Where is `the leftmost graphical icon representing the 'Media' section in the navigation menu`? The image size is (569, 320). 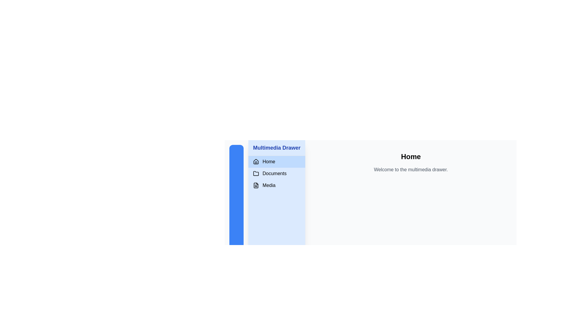
the leftmost graphical icon representing the 'Media' section in the navigation menu is located at coordinates (256, 185).